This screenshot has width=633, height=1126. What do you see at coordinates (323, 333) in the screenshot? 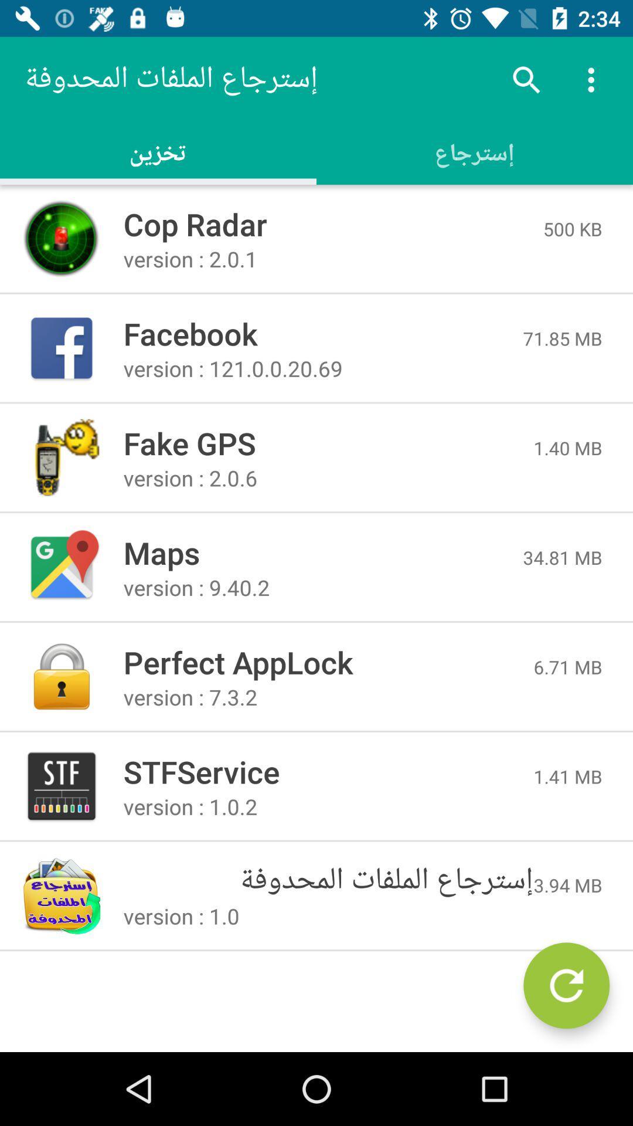
I see `the item above version 121 0 item` at bounding box center [323, 333].